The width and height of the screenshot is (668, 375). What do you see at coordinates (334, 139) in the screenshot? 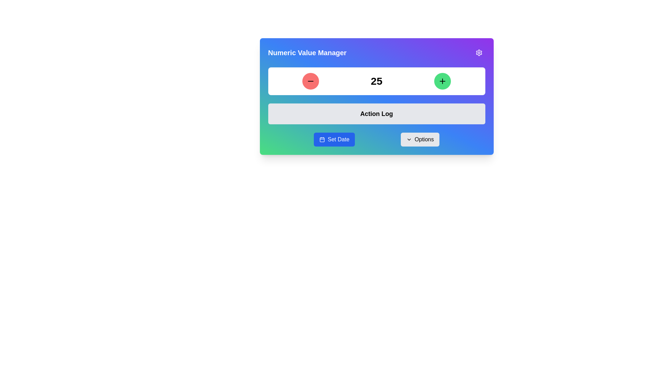
I see `the 'Set Date' button with a blue background and white text` at bounding box center [334, 139].